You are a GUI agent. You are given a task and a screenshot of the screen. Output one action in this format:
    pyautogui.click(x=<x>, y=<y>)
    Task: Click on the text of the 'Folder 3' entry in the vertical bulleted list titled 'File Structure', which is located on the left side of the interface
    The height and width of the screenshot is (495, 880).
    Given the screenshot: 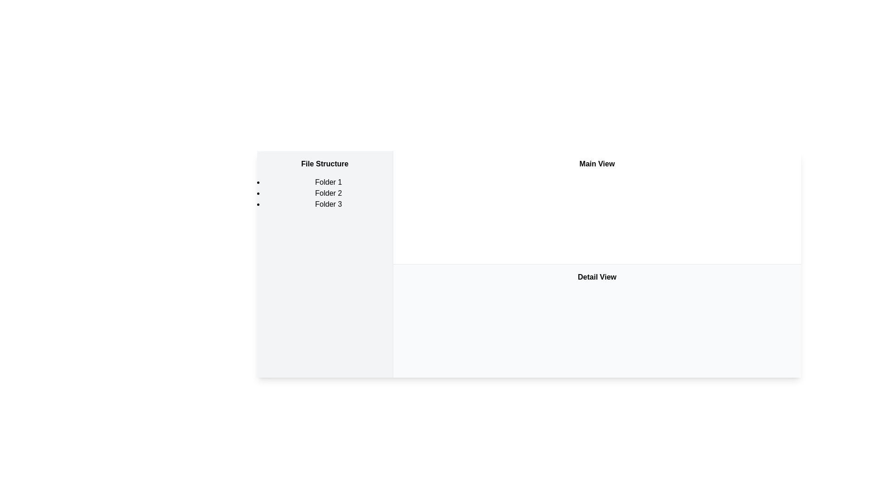 What is the action you would take?
    pyautogui.click(x=328, y=204)
    